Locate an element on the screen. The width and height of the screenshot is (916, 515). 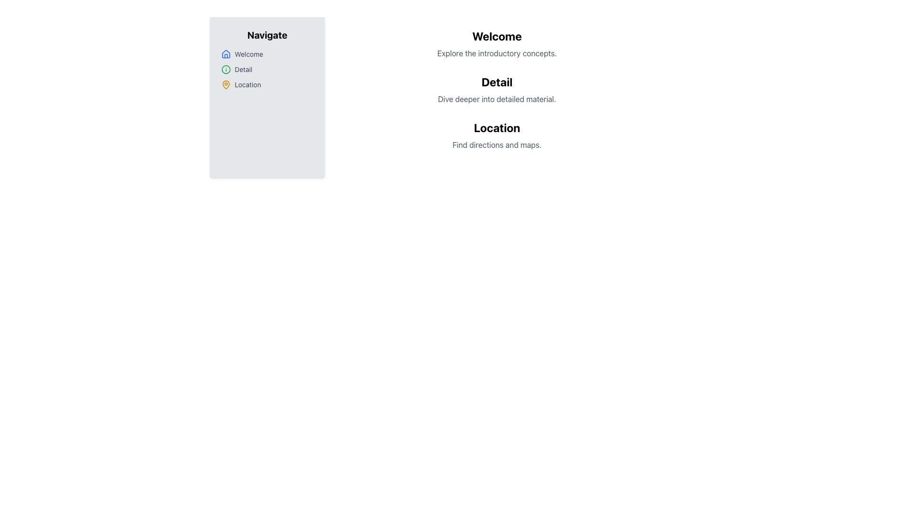
the location icon in the left-side navigation panel, positioned third and adjacent to the 'Location' label is located at coordinates (226, 84).